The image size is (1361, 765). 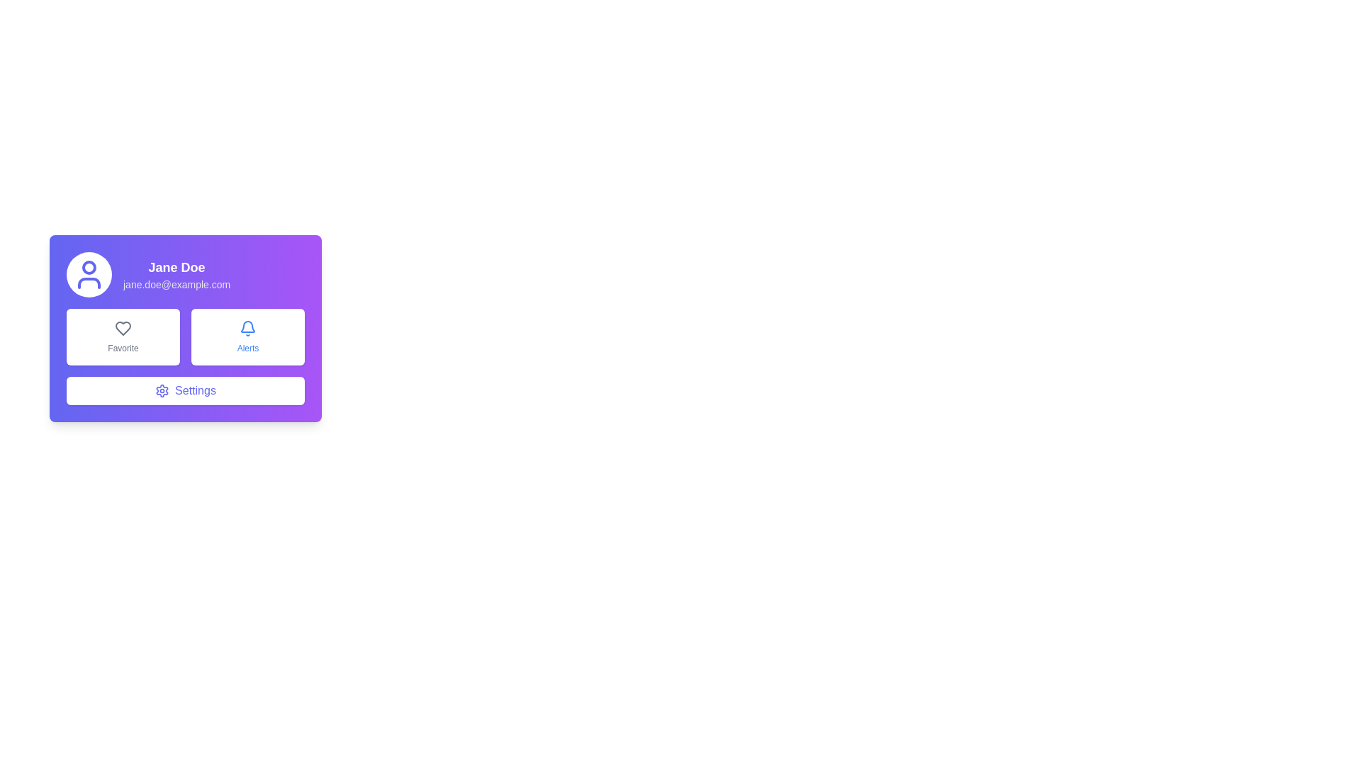 What do you see at coordinates (162, 390) in the screenshot?
I see `the gear-shaped icon representing settings, which is located above the 'Settings' label in the card-like interface` at bounding box center [162, 390].